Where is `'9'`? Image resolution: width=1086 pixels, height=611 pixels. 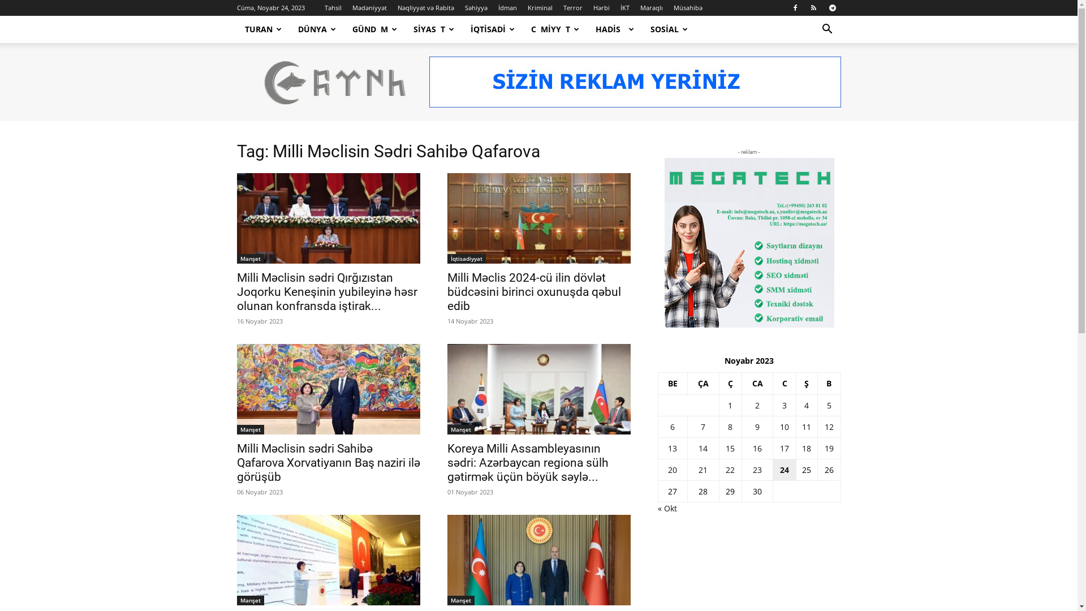
'9' is located at coordinates (757, 427).